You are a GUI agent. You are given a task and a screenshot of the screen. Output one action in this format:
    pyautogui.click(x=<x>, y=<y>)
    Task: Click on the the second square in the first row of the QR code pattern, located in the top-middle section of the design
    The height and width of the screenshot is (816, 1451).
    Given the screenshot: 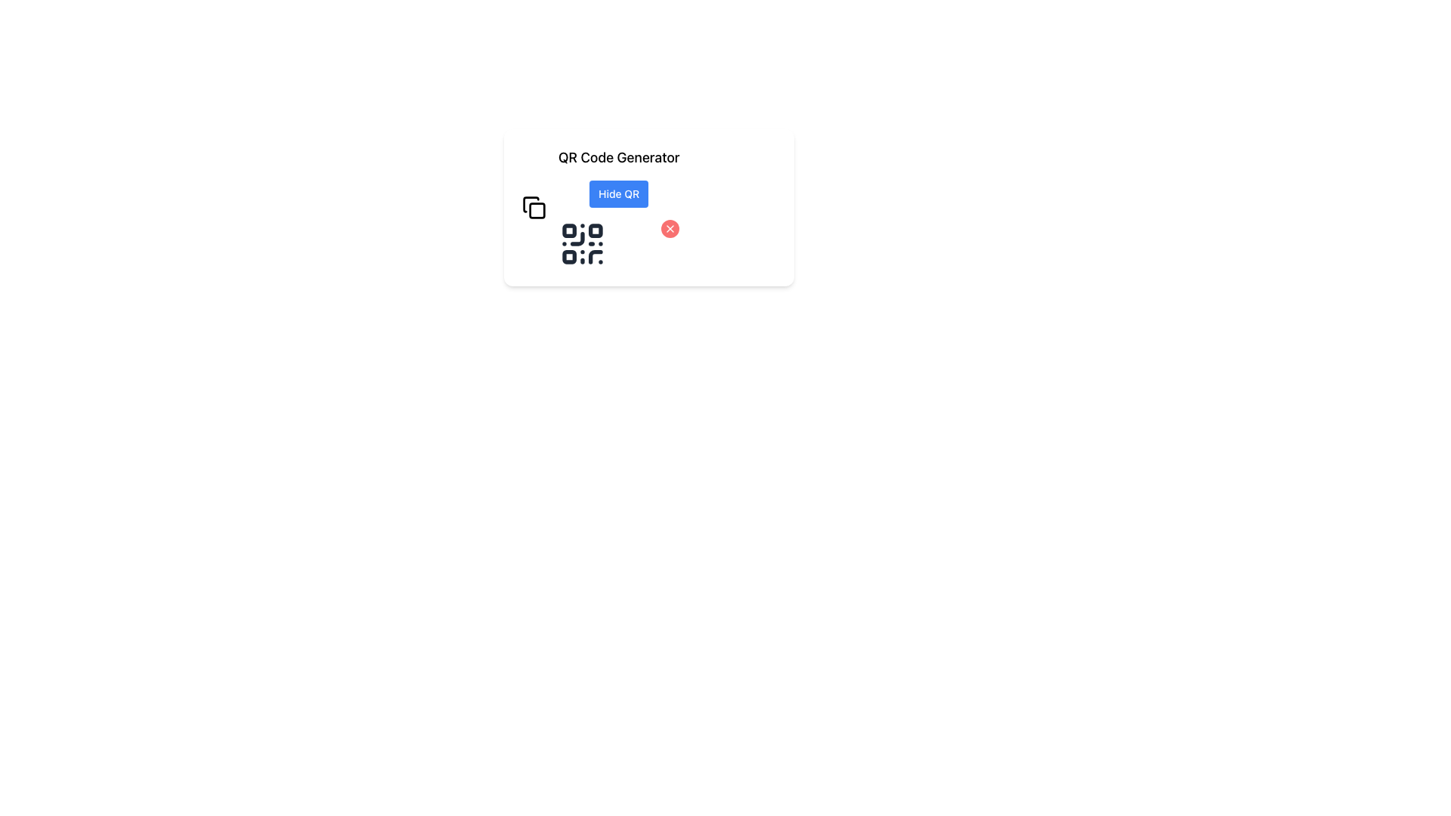 What is the action you would take?
    pyautogui.click(x=595, y=230)
    